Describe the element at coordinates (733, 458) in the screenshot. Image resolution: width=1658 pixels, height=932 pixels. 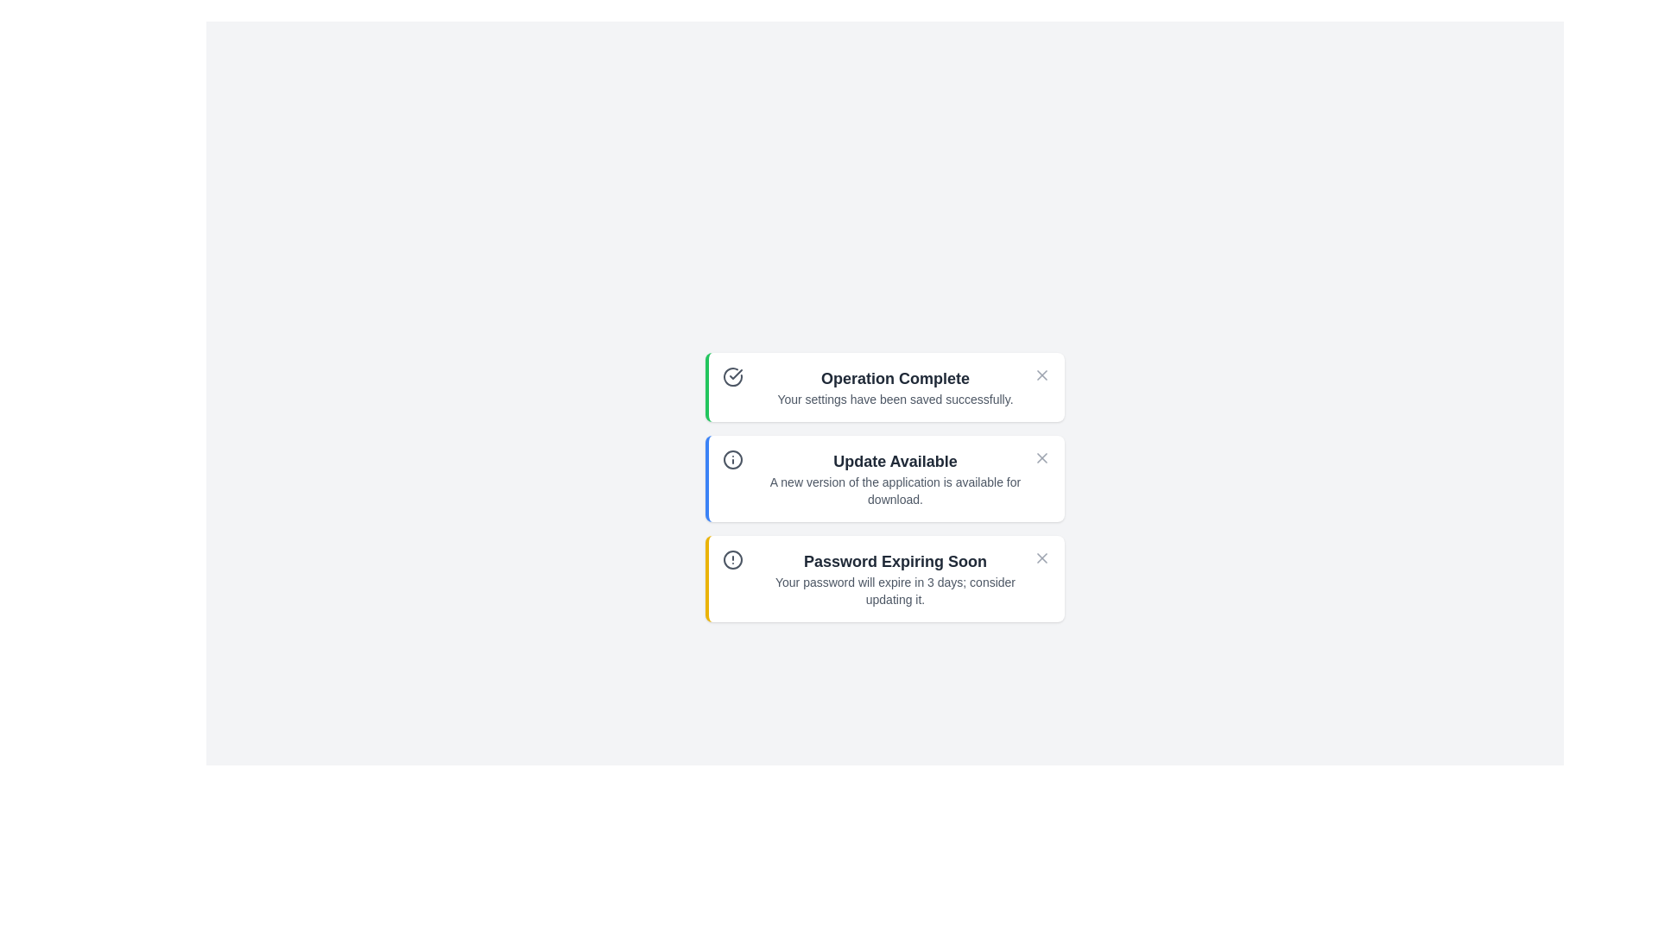
I see `the circular SVG element within the notification card for 'Update Available', which is filled with a grayish tone and positioned to the left of the card's title text` at that location.